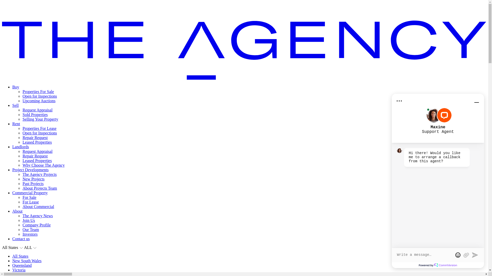 This screenshot has width=492, height=276. What do you see at coordinates (30, 202) in the screenshot?
I see `'For Lease'` at bounding box center [30, 202].